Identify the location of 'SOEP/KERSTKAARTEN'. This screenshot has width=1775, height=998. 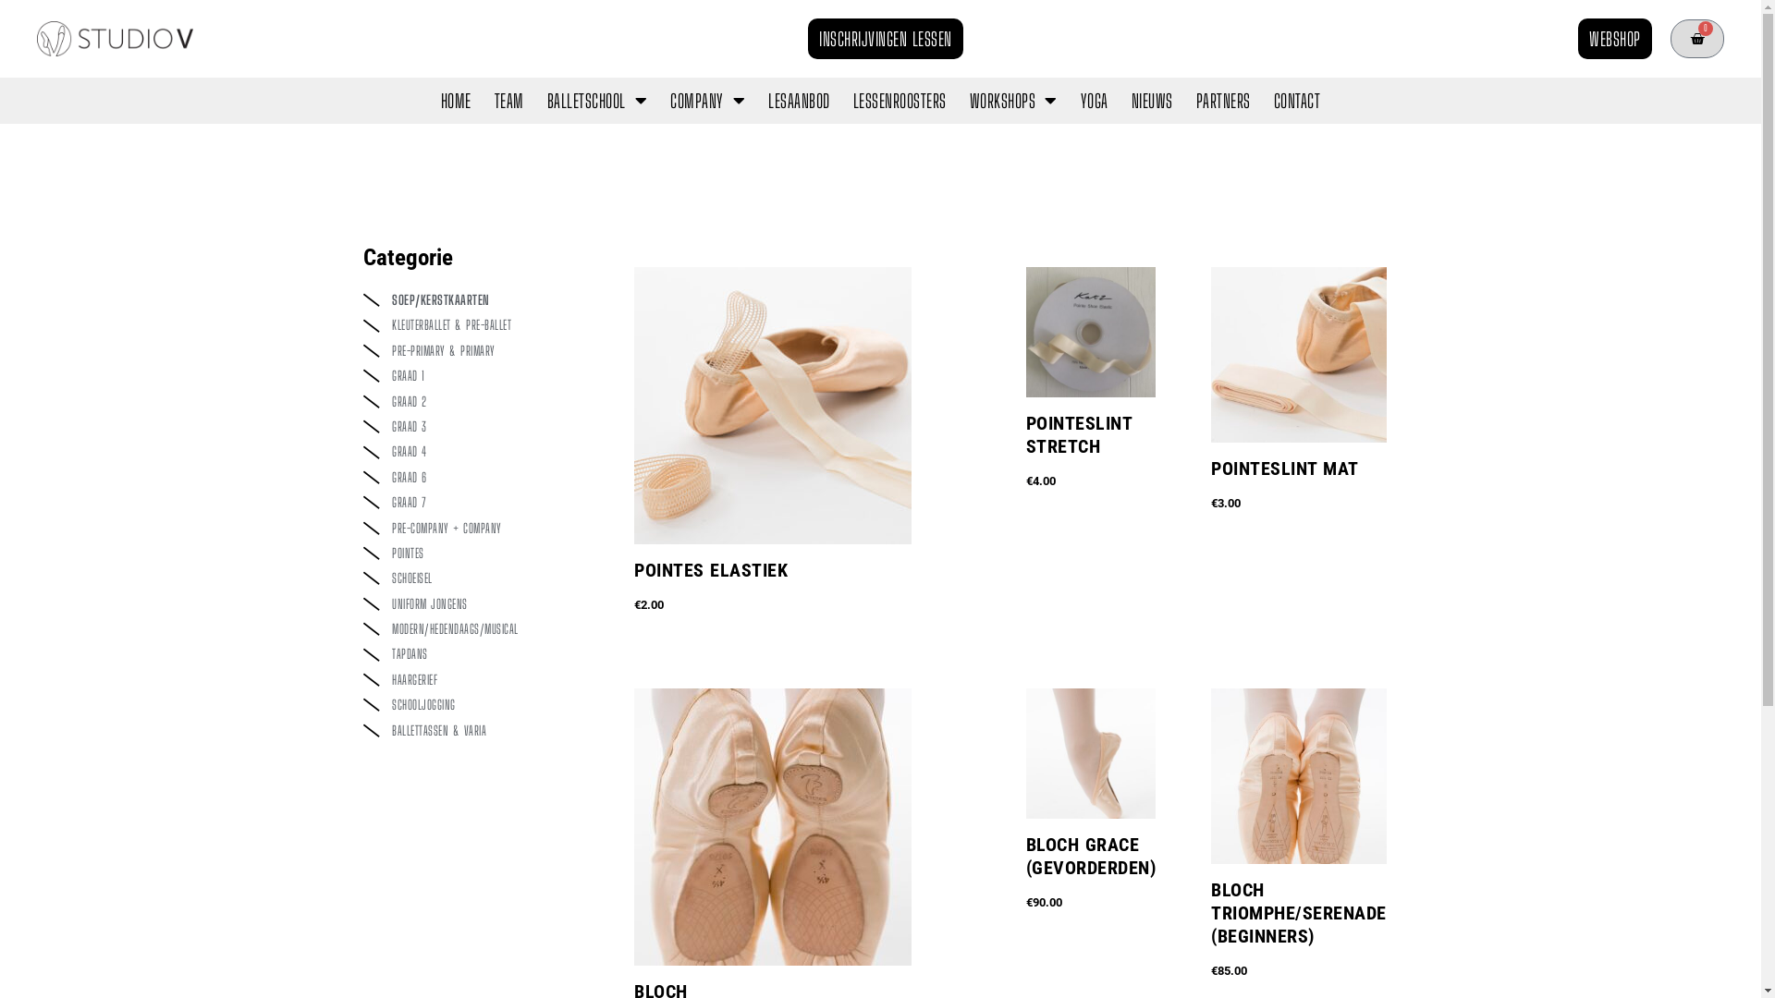
(479, 298).